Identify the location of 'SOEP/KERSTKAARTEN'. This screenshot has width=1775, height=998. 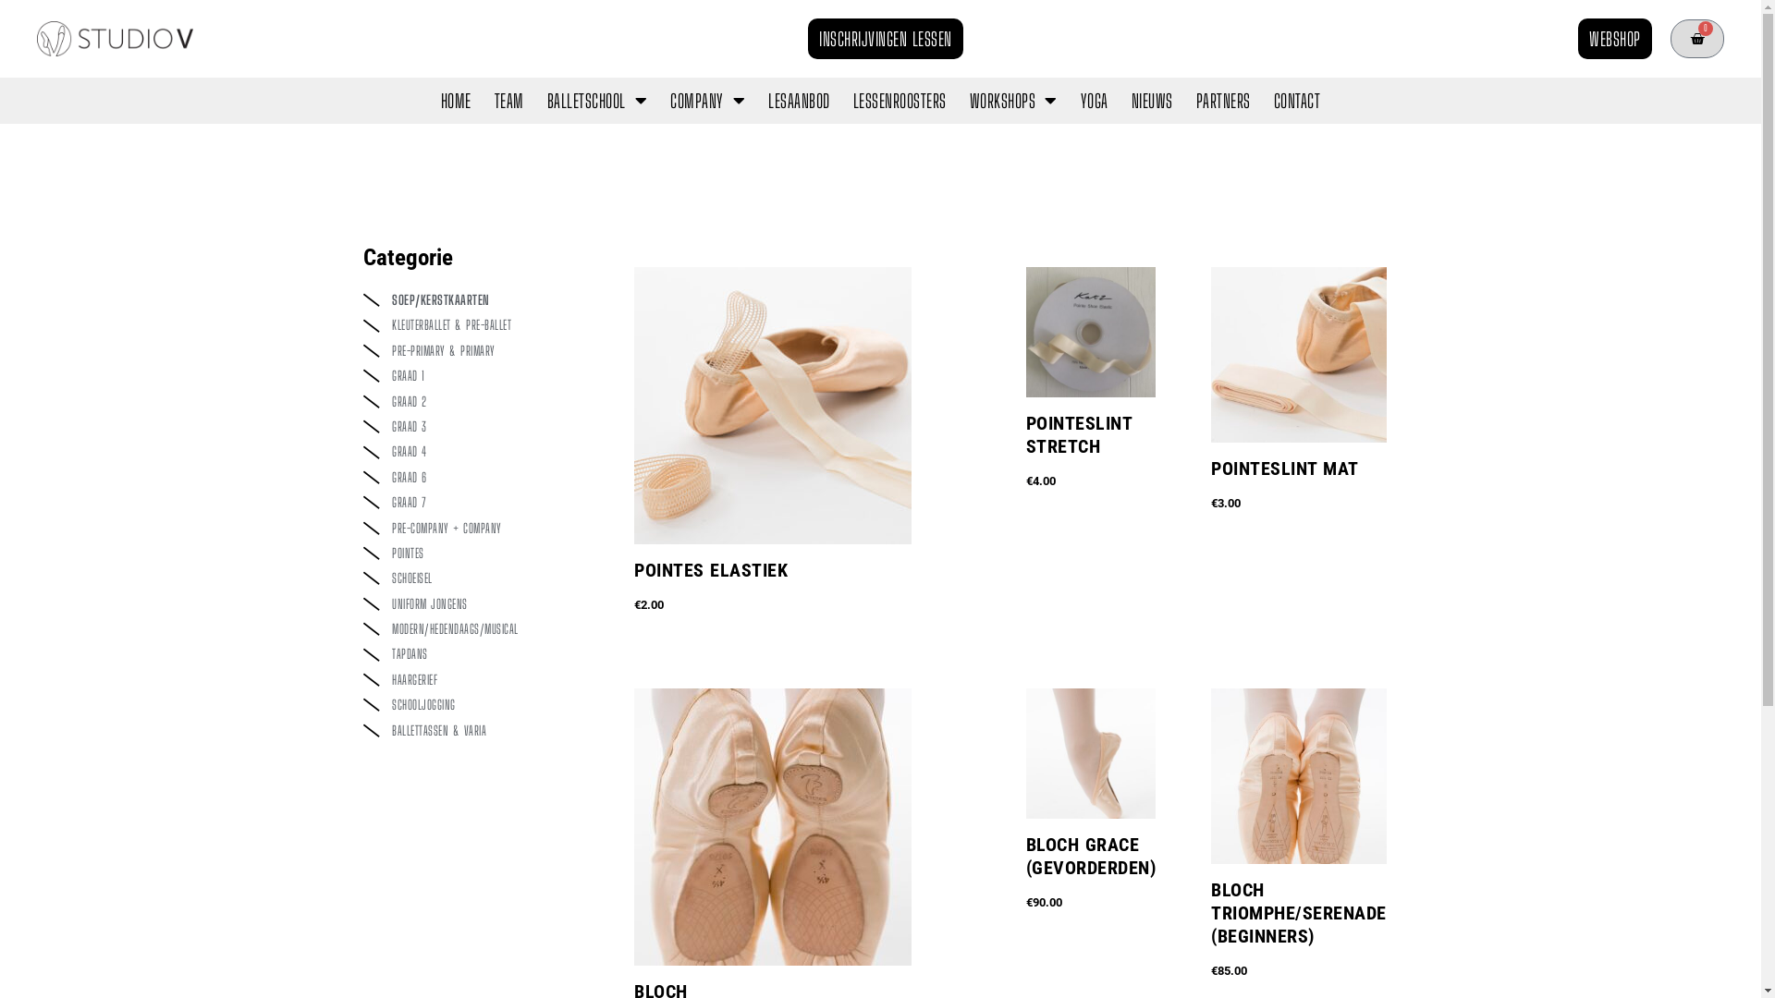
(479, 298).